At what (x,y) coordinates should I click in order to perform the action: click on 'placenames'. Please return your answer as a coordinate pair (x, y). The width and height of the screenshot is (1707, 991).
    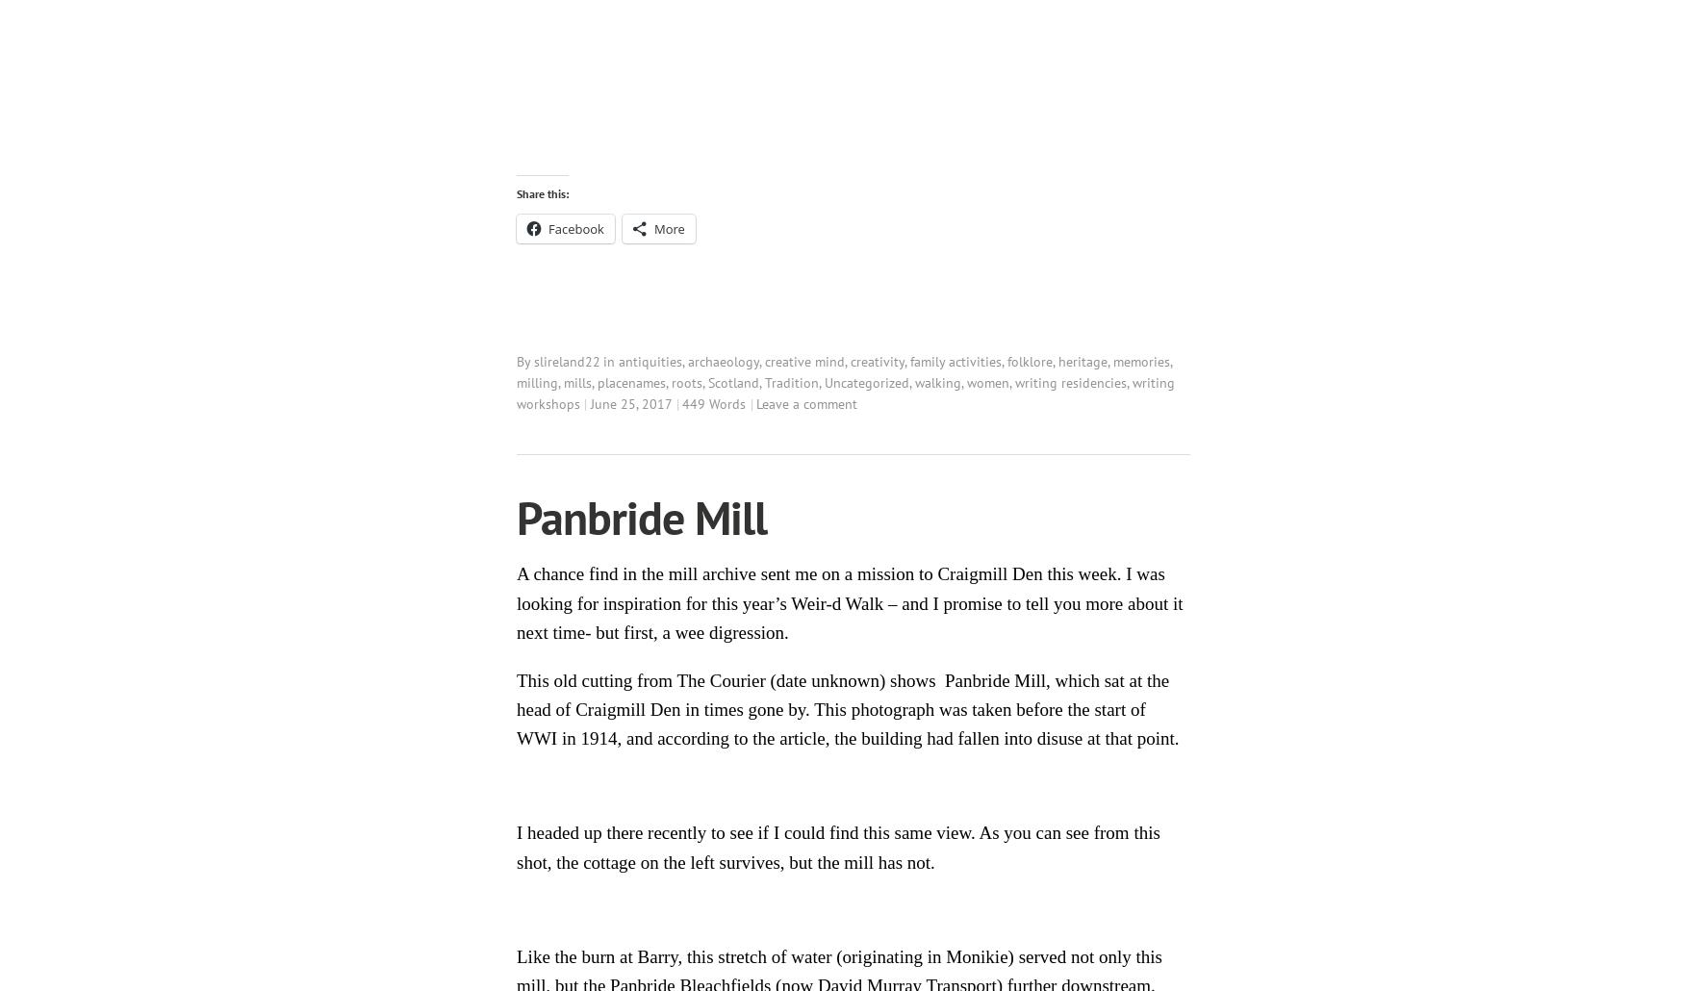
    Looking at the image, I should click on (631, 382).